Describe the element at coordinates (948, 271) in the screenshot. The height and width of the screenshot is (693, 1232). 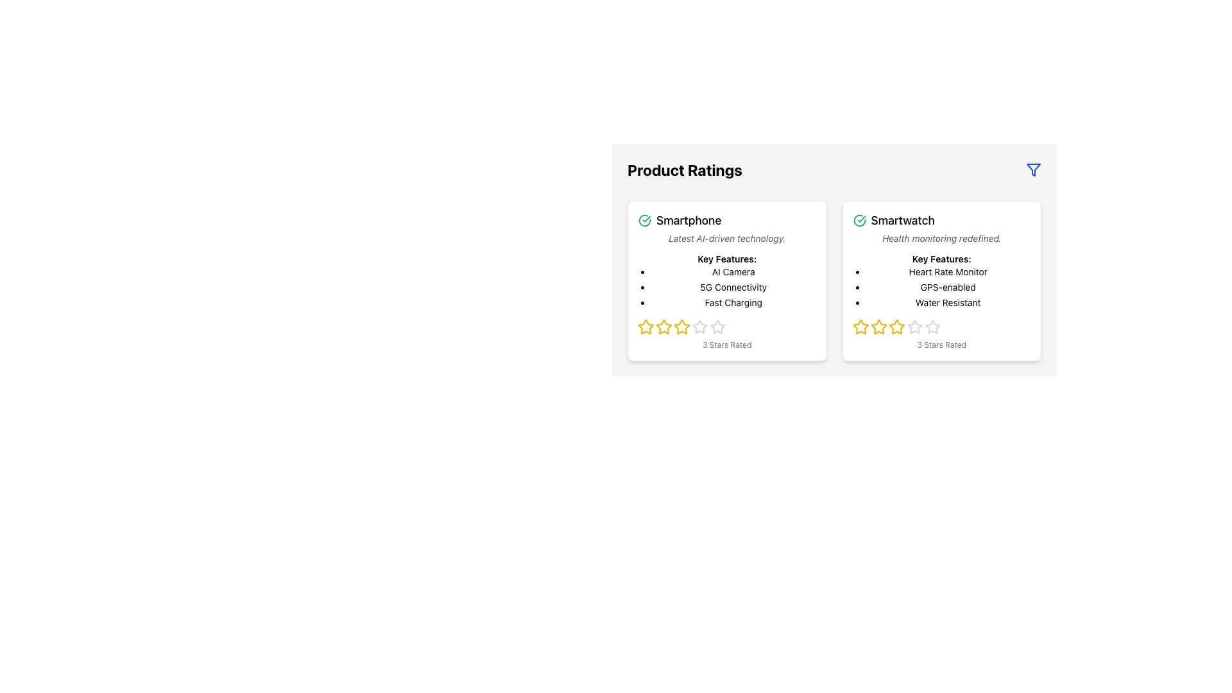
I see `the text label that describes the heart rate monitor feature of the smartwatch, located under the 'Key Features:' heading in the second product card` at that location.